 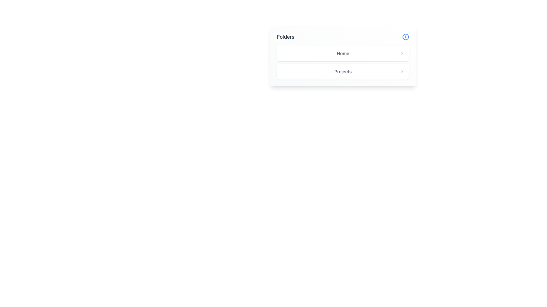 I want to click on the 'Folders' text label located at the top left corner of the card-like interface for interactions, so click(x=285, y=37).